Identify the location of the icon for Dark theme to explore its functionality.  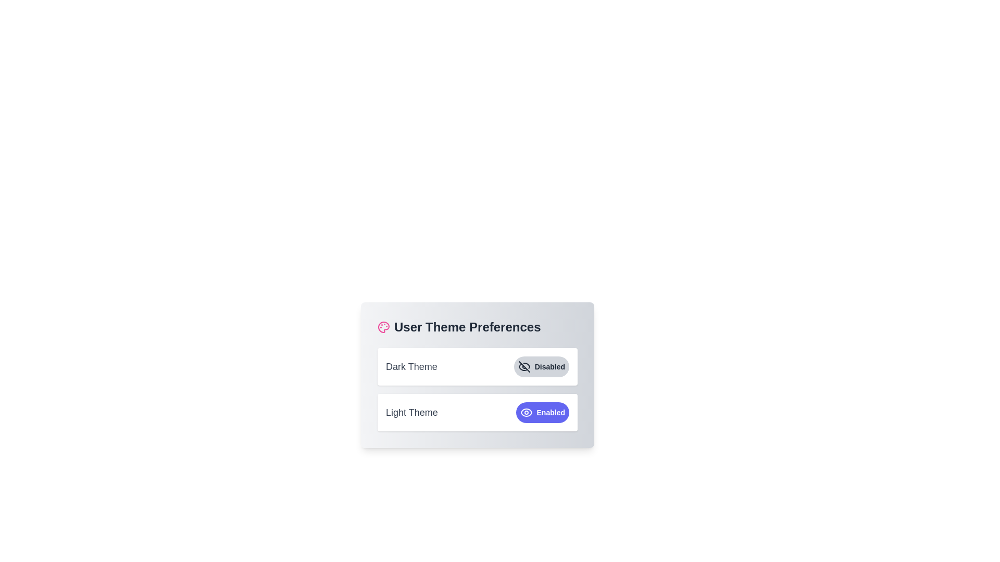
(524, 366).